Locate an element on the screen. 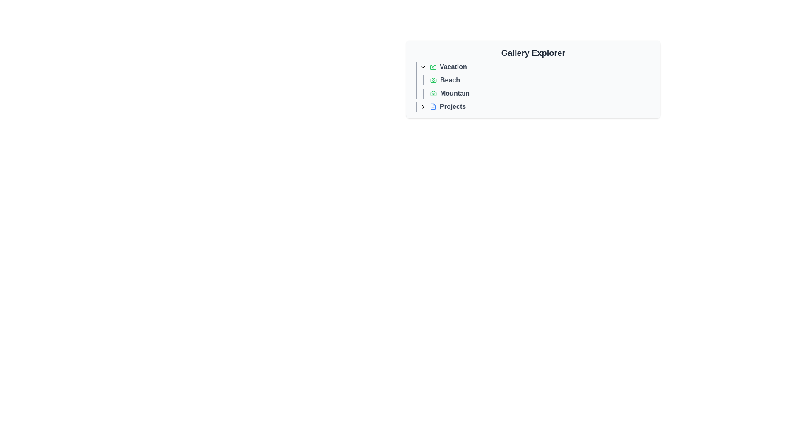 This screenshot has width=795, height=447. the camera icon that visually represents the 'Beach' item in the Gallery Explorer is located at coordinates (433, 80).